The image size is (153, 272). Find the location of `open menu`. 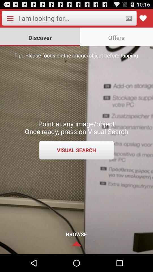

open menu is located at coordinates (10, 18).